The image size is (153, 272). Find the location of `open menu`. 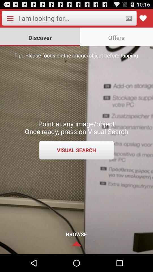

open menu is located at coordinates (10, 18).